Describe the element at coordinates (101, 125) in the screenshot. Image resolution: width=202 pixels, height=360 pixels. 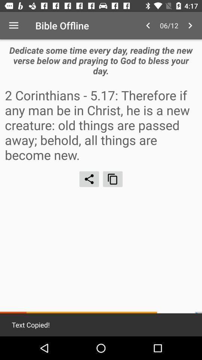
I see `item below dedicate some time icon` at that location.